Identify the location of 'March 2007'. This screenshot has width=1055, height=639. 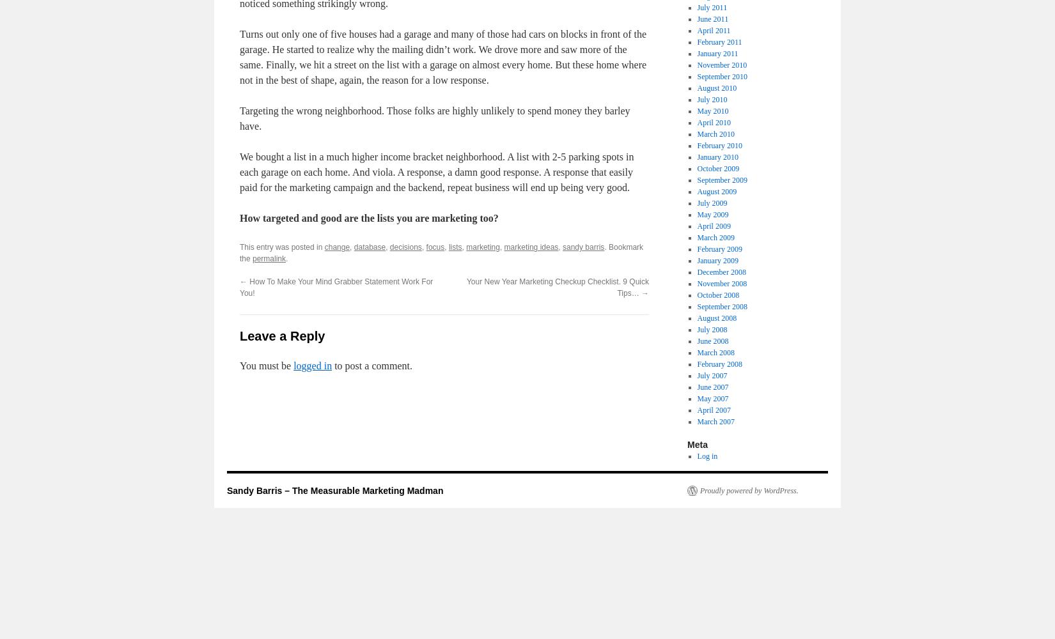
(715, 422).